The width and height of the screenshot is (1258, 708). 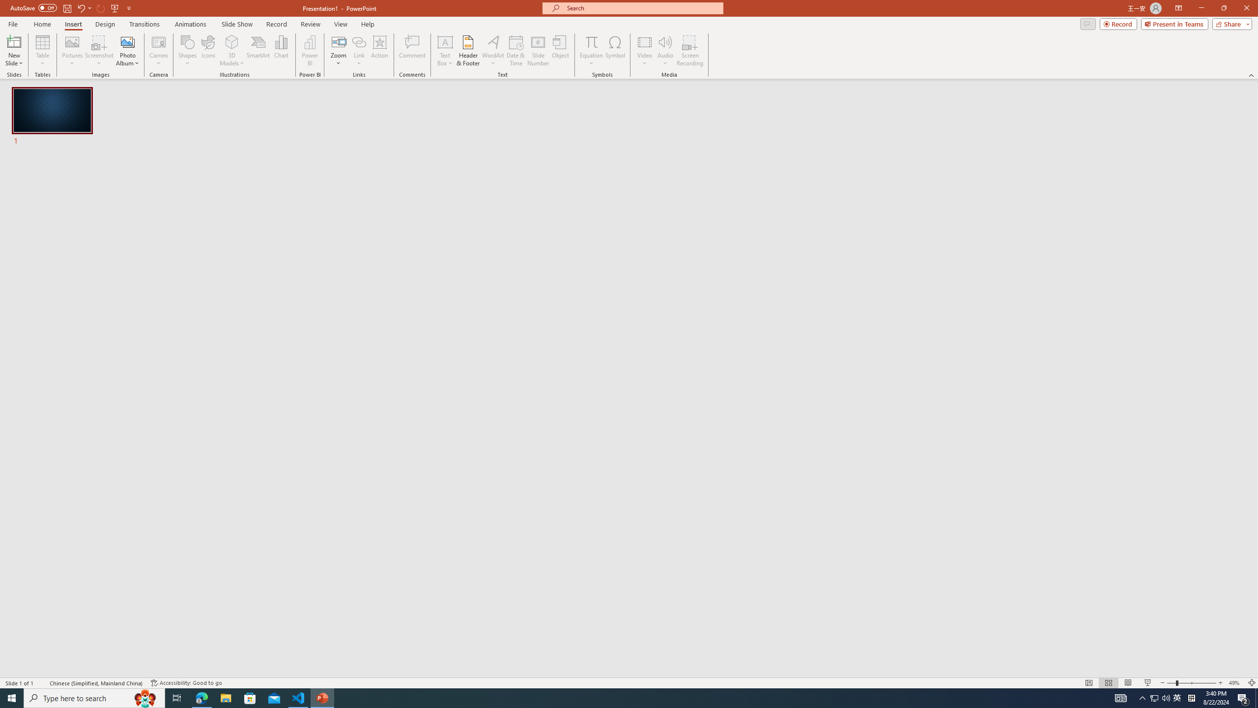 I want to click on 'Pictures', so click(x=72, y=51).